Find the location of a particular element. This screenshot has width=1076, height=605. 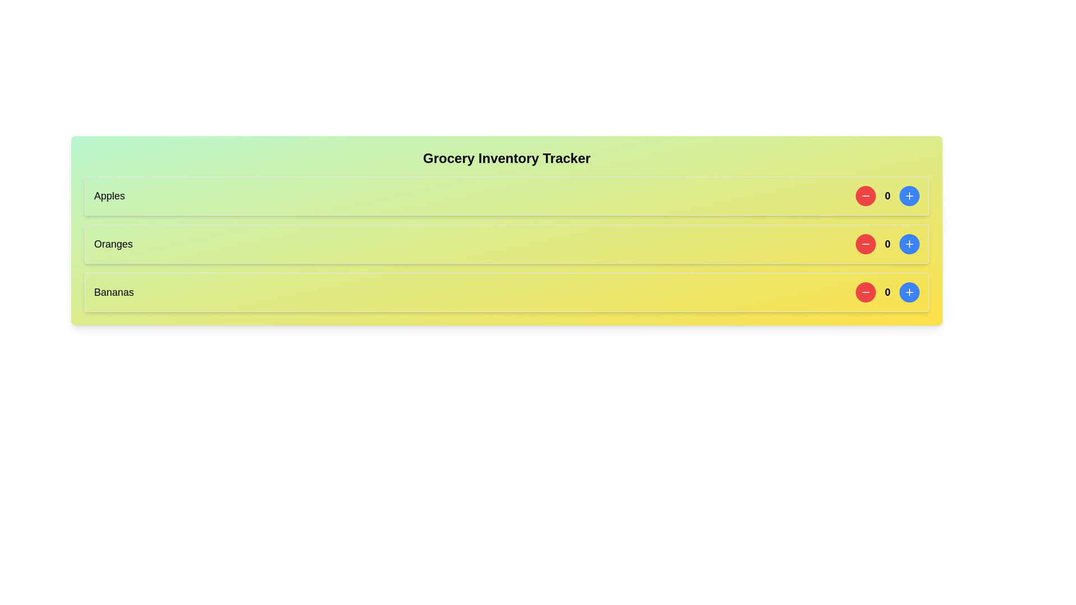

the red minus button to decrement the count of the selected item is located at coordinates (865, 196).